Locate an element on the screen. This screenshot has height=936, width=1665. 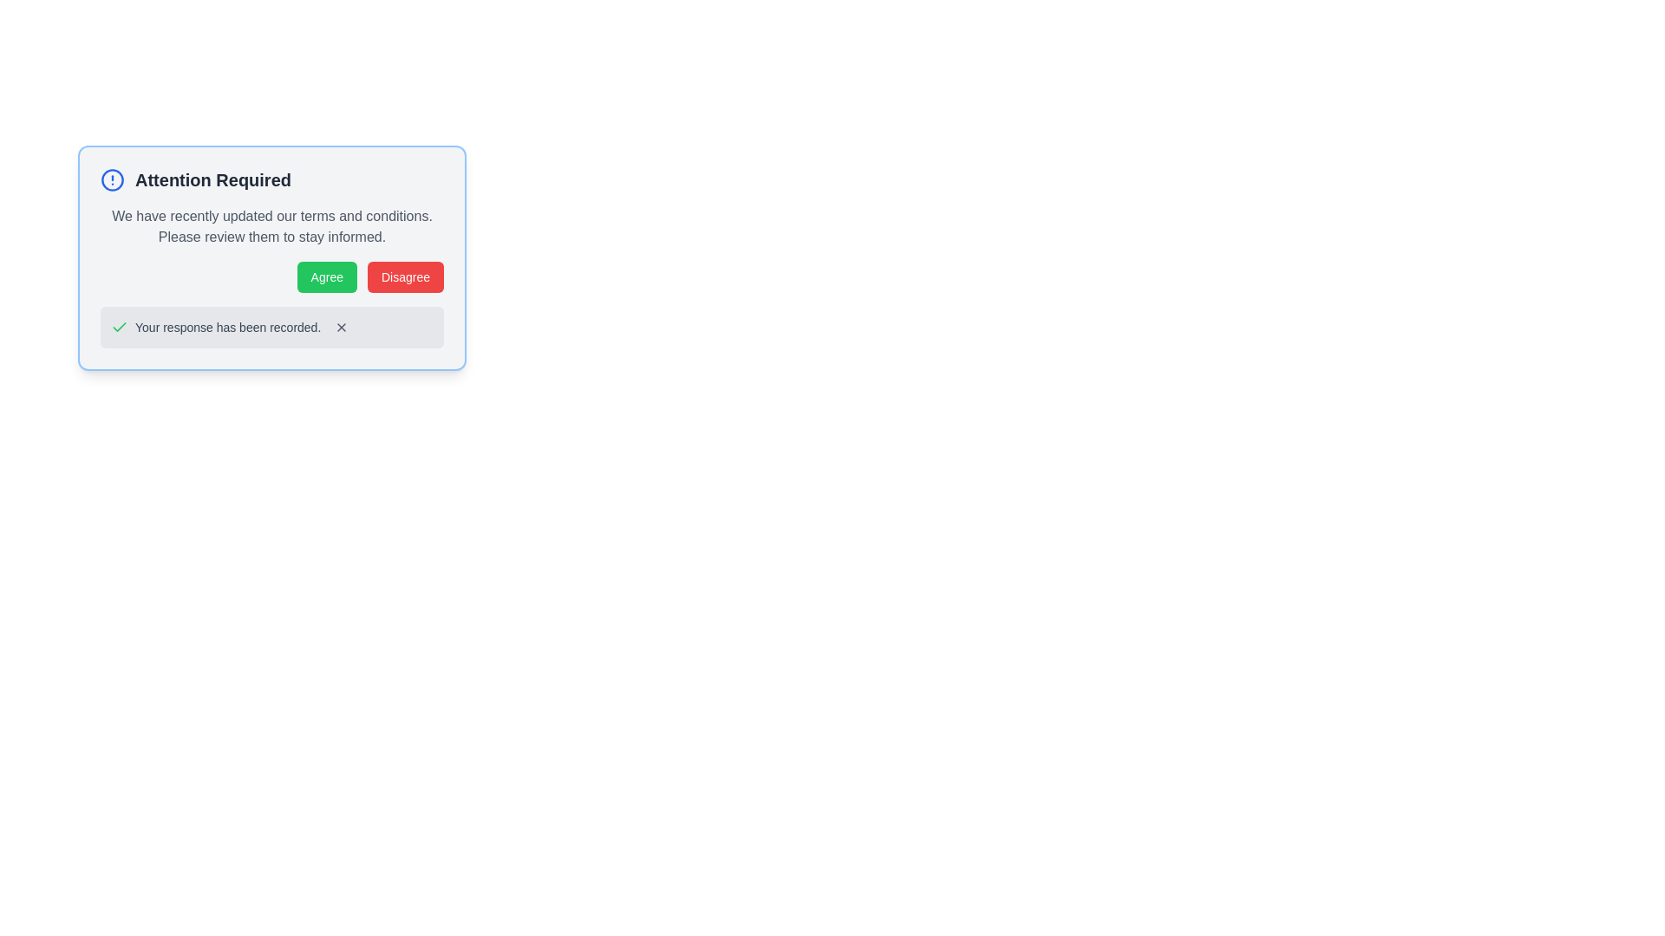
the close button located at the right end of the notification box labeled 'Your response has been recorded' is located at coordinates (341, 328).